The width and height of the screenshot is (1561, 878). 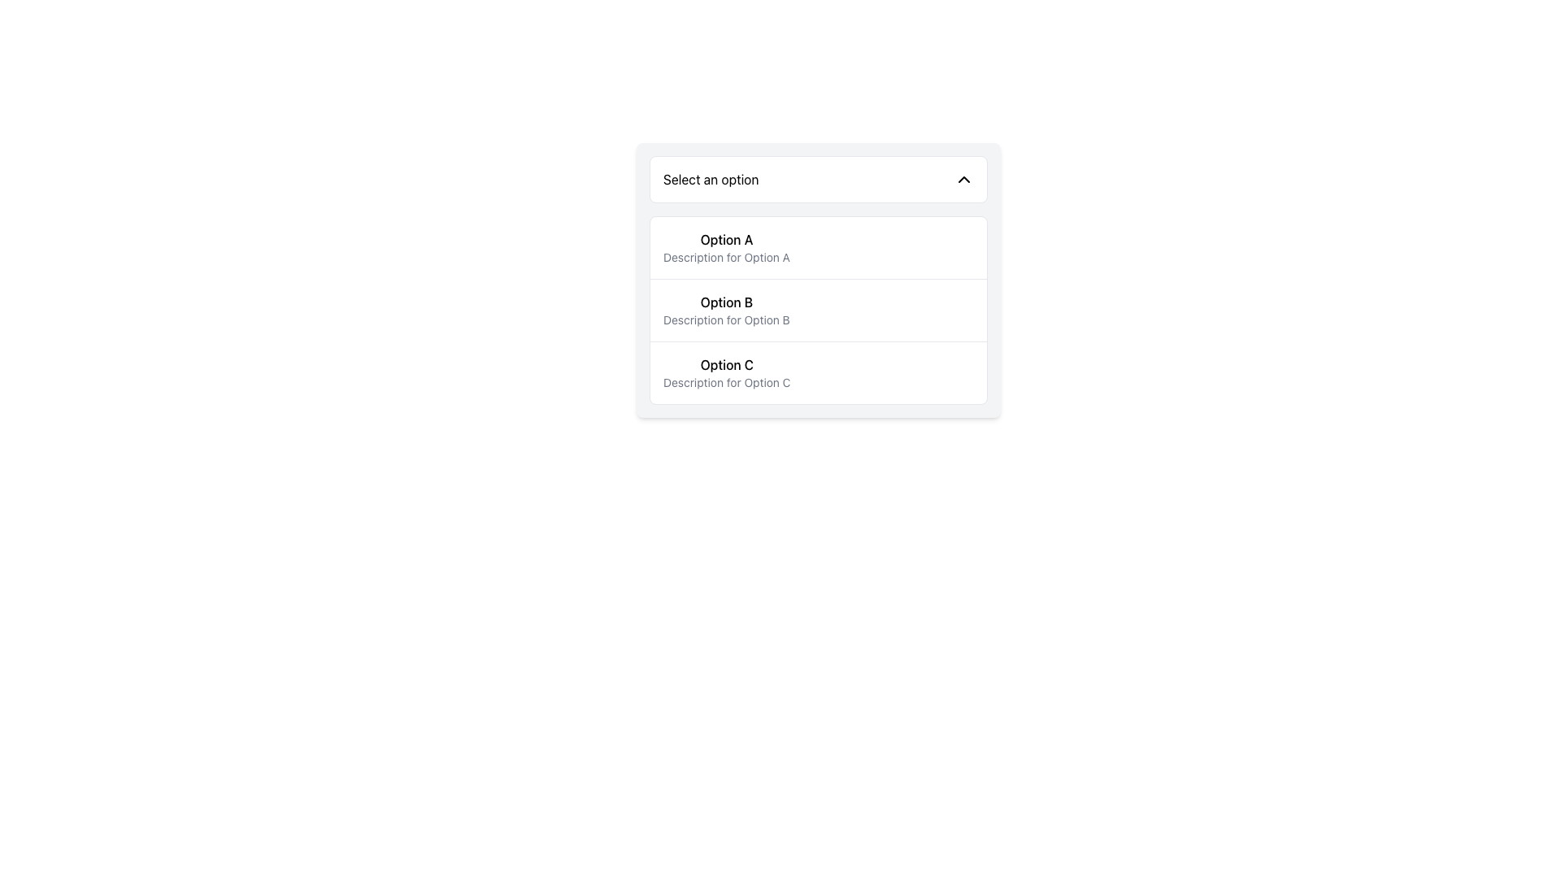 I want to click on the menu item labeled 'Option A', so click(x=819, y=247).